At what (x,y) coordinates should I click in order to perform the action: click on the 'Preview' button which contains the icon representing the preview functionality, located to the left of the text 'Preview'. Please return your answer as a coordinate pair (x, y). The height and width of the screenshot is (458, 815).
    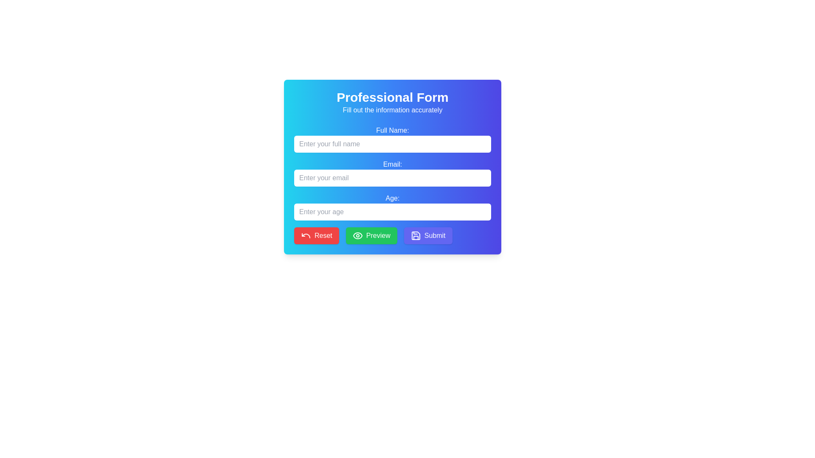
    Looking at the image, I should click on (357, 235).